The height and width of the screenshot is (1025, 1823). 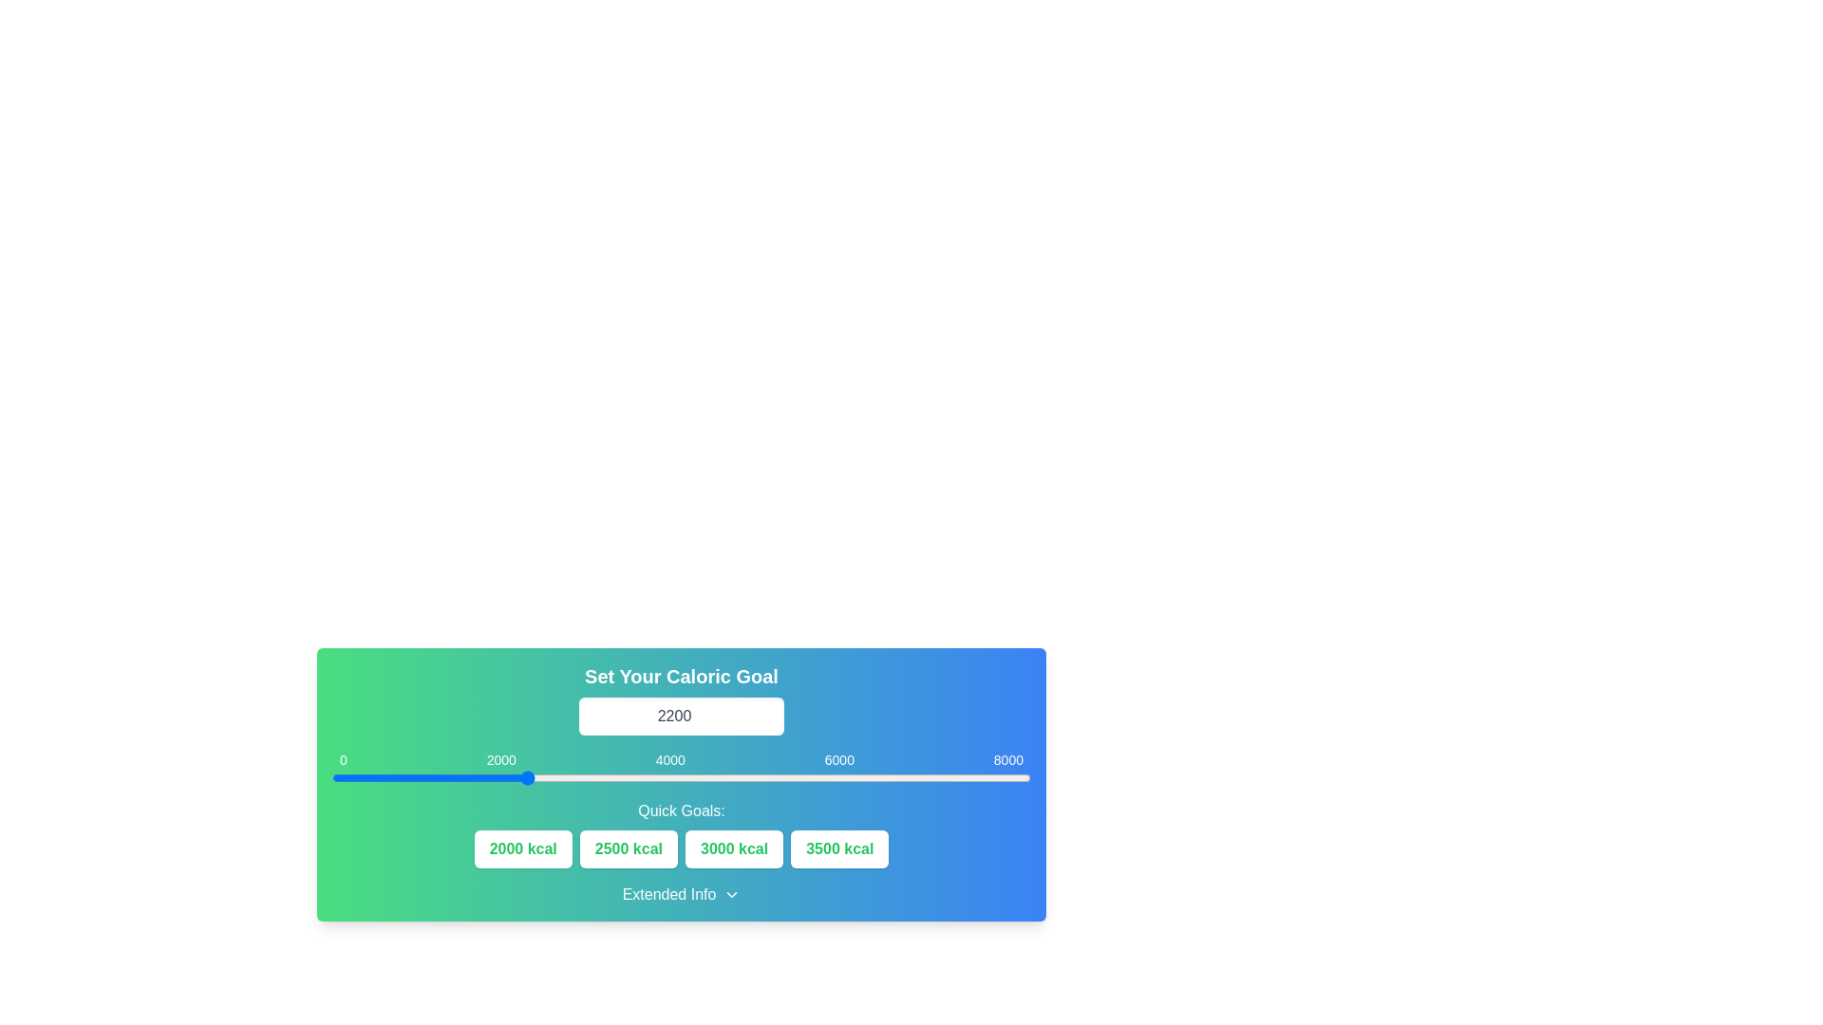 I want to click on the caloric goal, so click(x=571, y=778).